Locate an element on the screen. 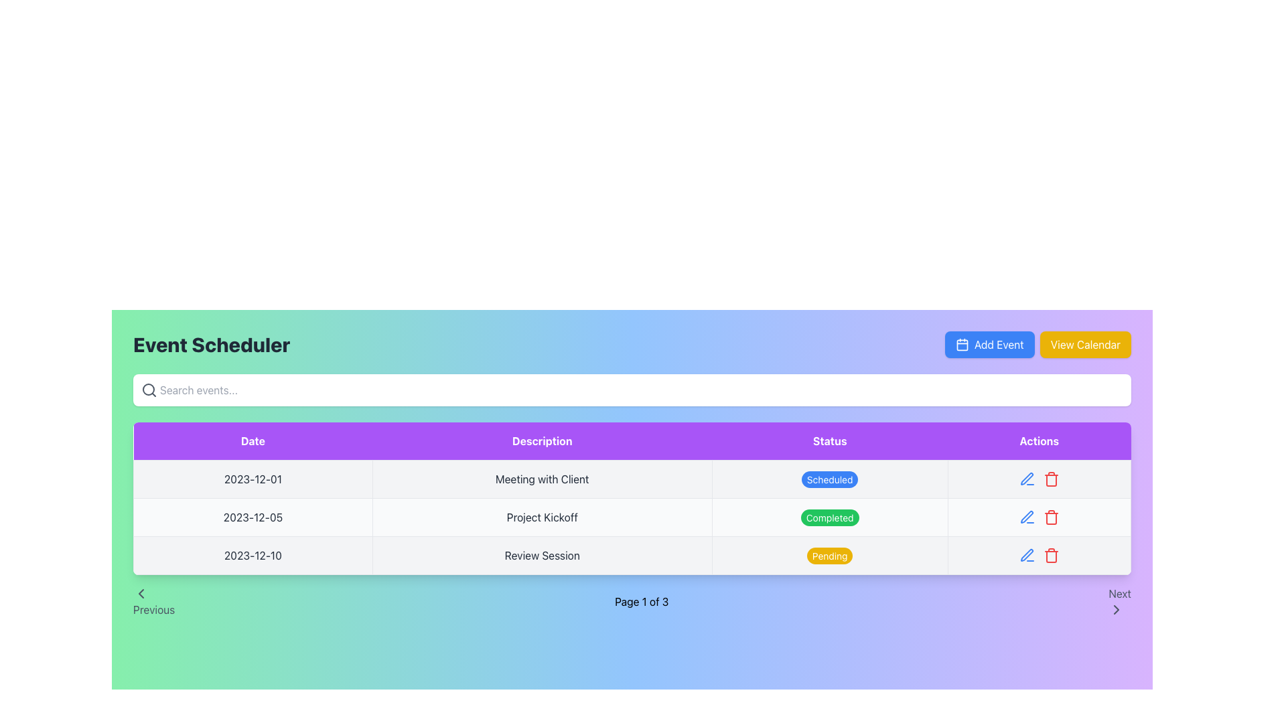 This screenshot has height=723, width=1286. the button for adding a new event, located in the upper-right section of the interface, to the left of the 'View Calendar' button is located at coordinates (989, 344).